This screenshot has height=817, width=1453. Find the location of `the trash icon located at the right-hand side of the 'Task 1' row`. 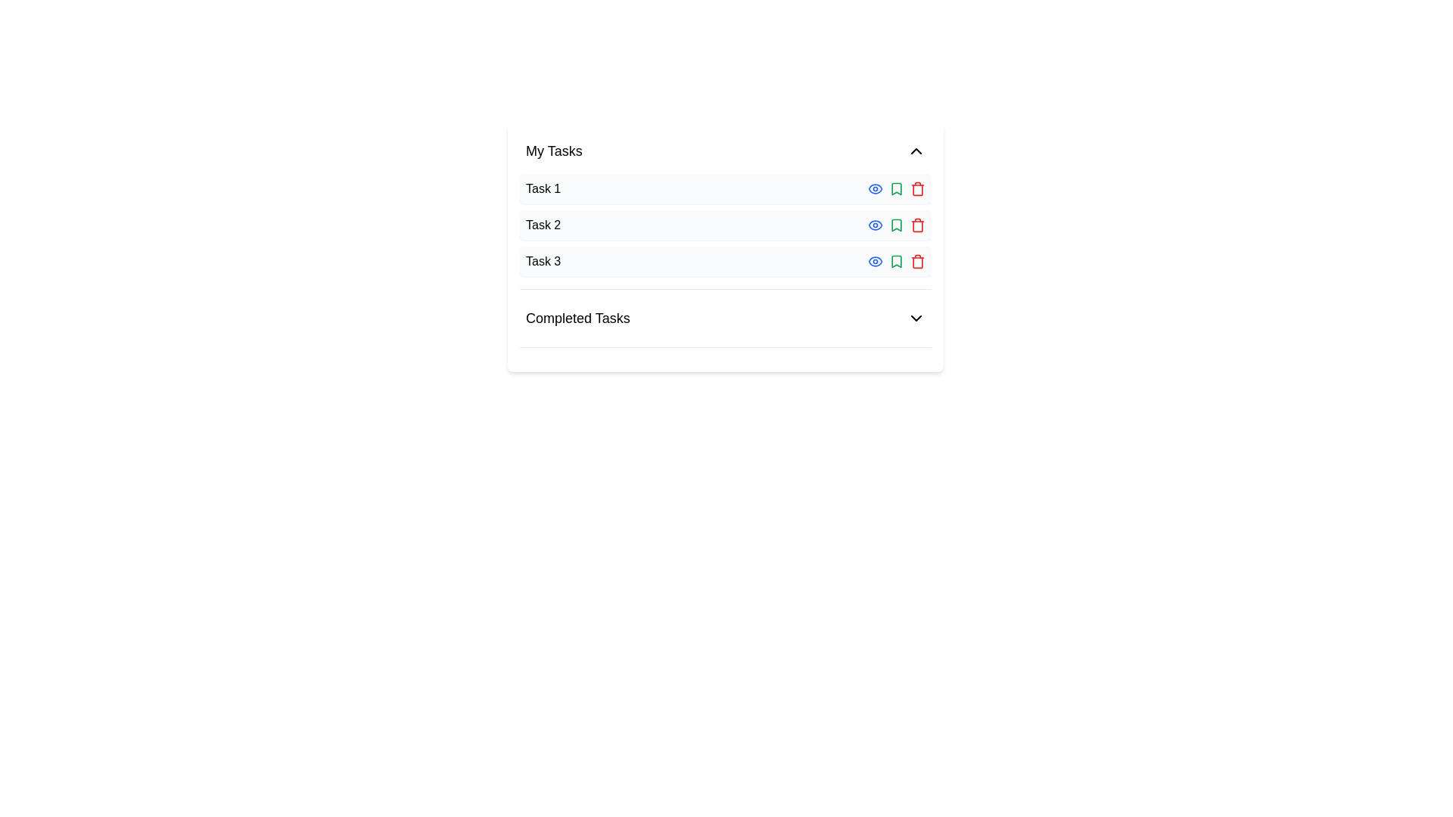

the trash icon located at the right-hand side of the 'Task 1' row is located at coordinates (917, 188).